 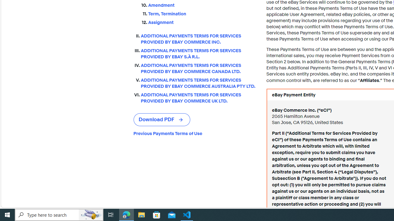 I want to click on 'Amendment', so click(x=202, y=5).